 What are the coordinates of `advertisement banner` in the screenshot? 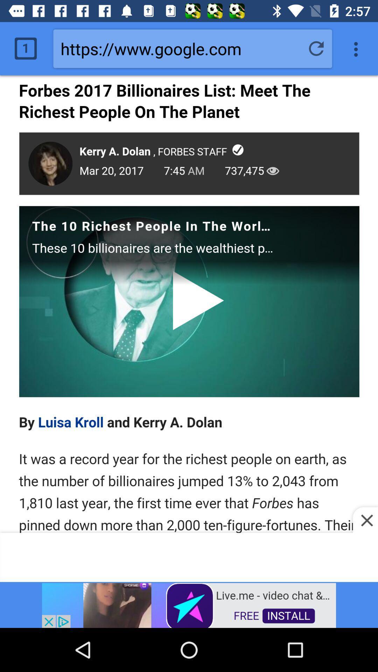 It's located at (189, 604).